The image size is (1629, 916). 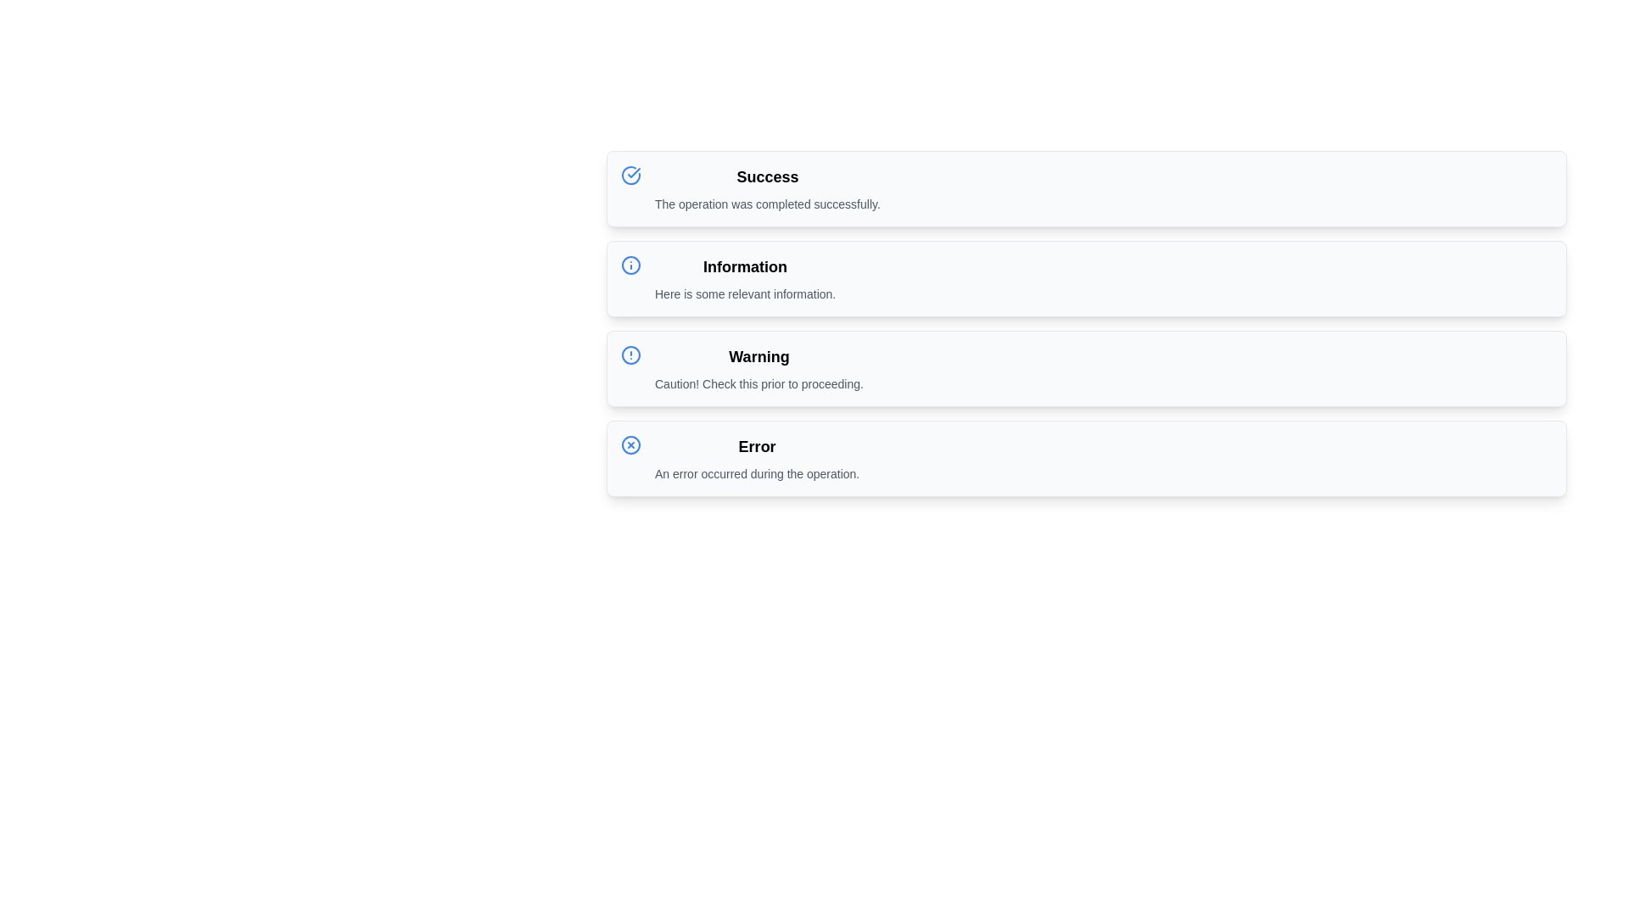 What do you see at coordinates (756, 446) in the screenshot?
I see `text of the header element that serves as the title for the 'Error' notification panel, located in the fourth panel of vertically stacked notification panels` at bounding box center [756, 446].